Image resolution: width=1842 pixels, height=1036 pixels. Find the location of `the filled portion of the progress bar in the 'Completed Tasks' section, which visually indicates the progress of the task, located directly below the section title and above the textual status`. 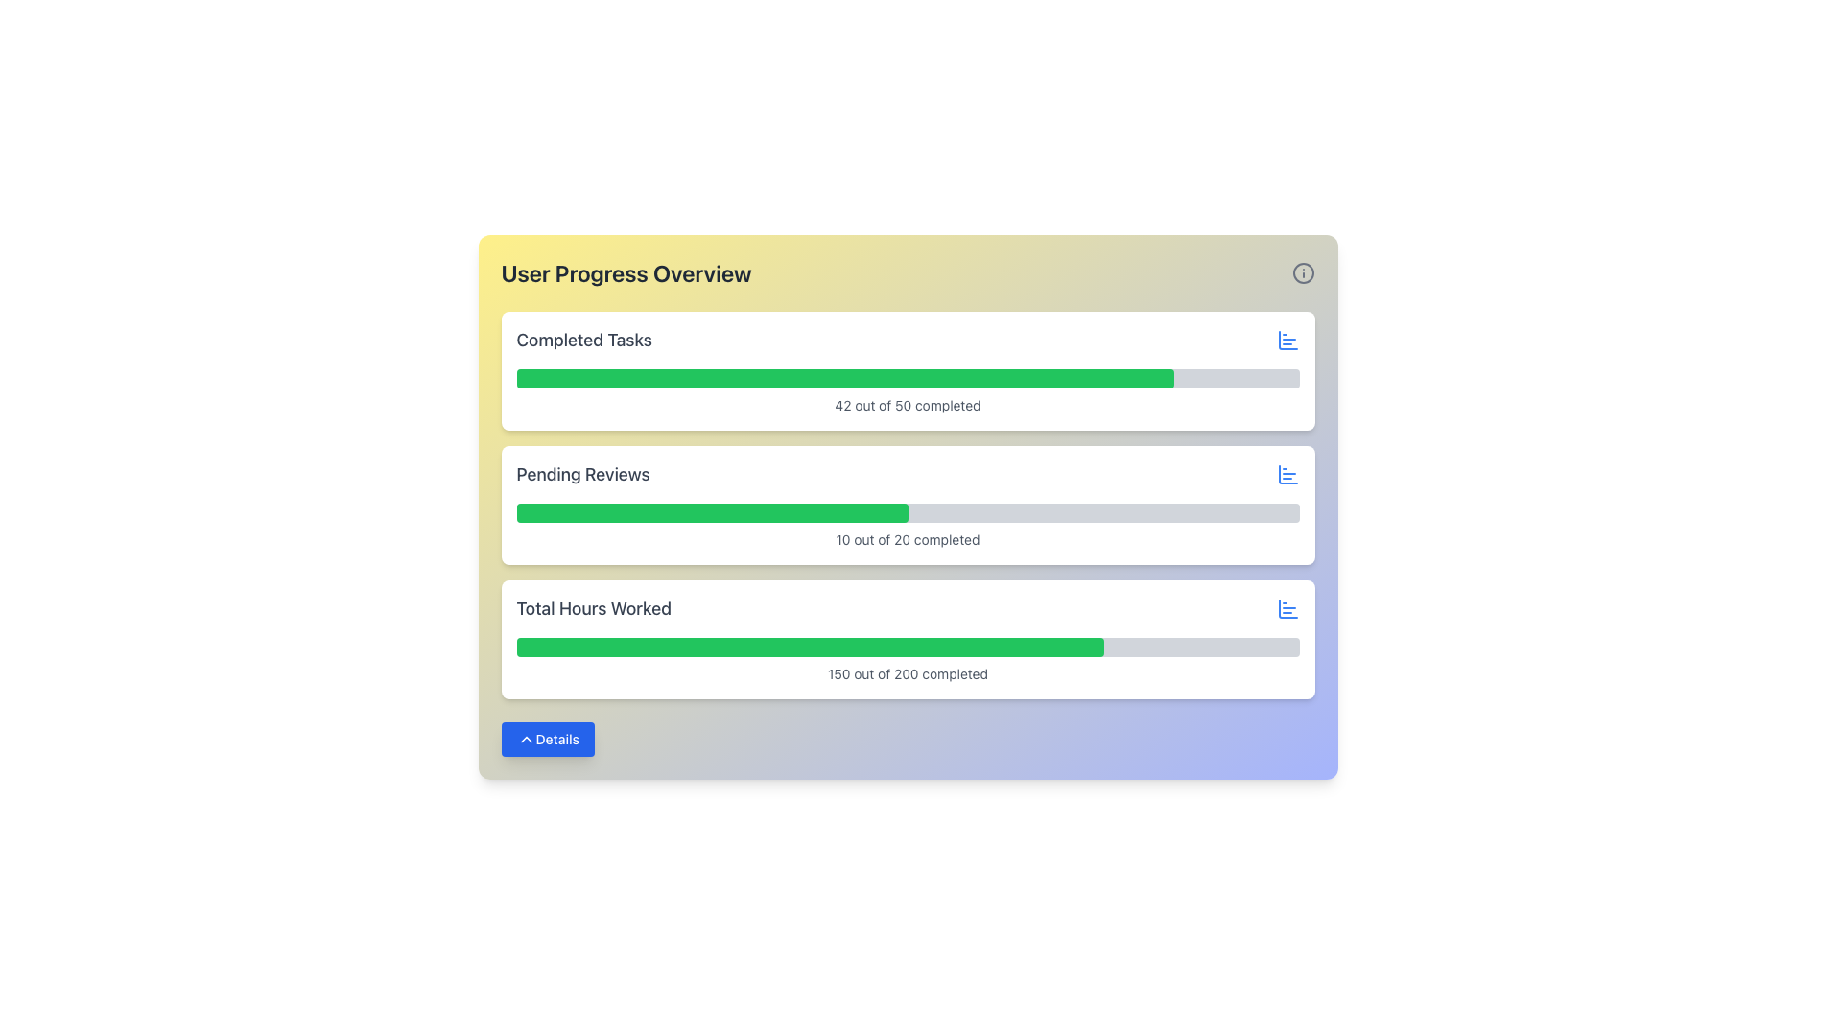

the filled portion of the progress bar in the 'Completed Tasks' section, which visually indicates the progress of the task, located directly below the section title and above the textual status is located at coordinates (844, 378).